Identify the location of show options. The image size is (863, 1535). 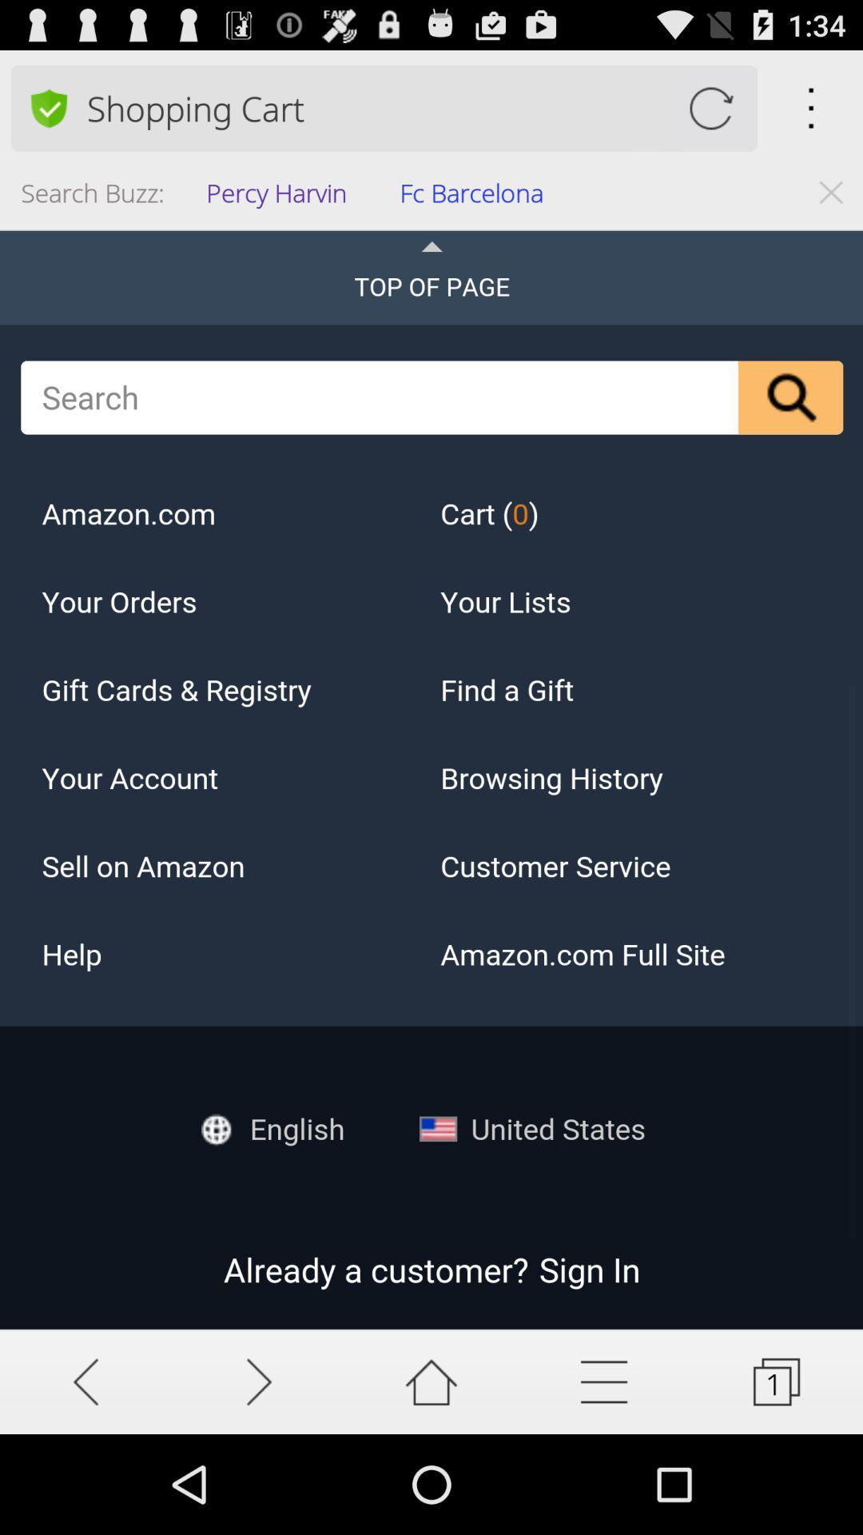
(604, 1381).